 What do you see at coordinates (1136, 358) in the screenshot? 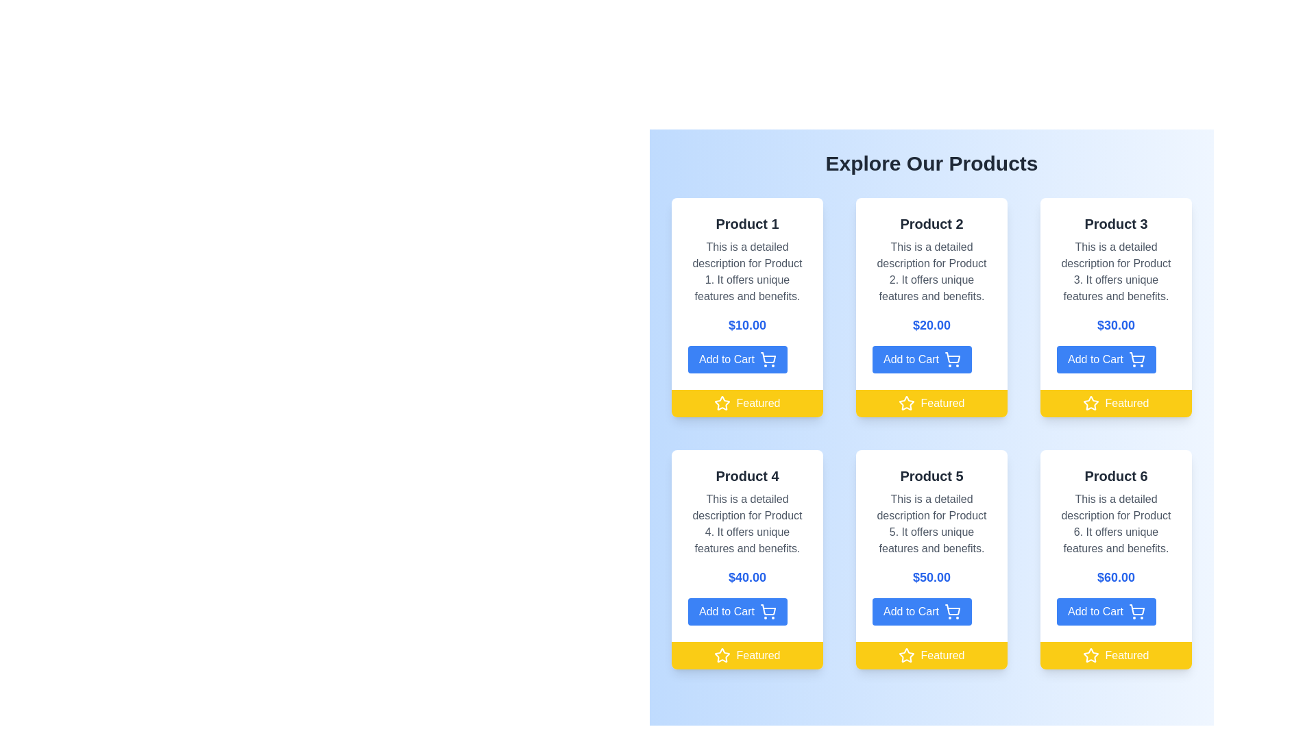
I see `the shopping cart icon inside the 'Add to Cart' button for Product 3, located in the top right section of the interface` at bounding box center [1136, 358].